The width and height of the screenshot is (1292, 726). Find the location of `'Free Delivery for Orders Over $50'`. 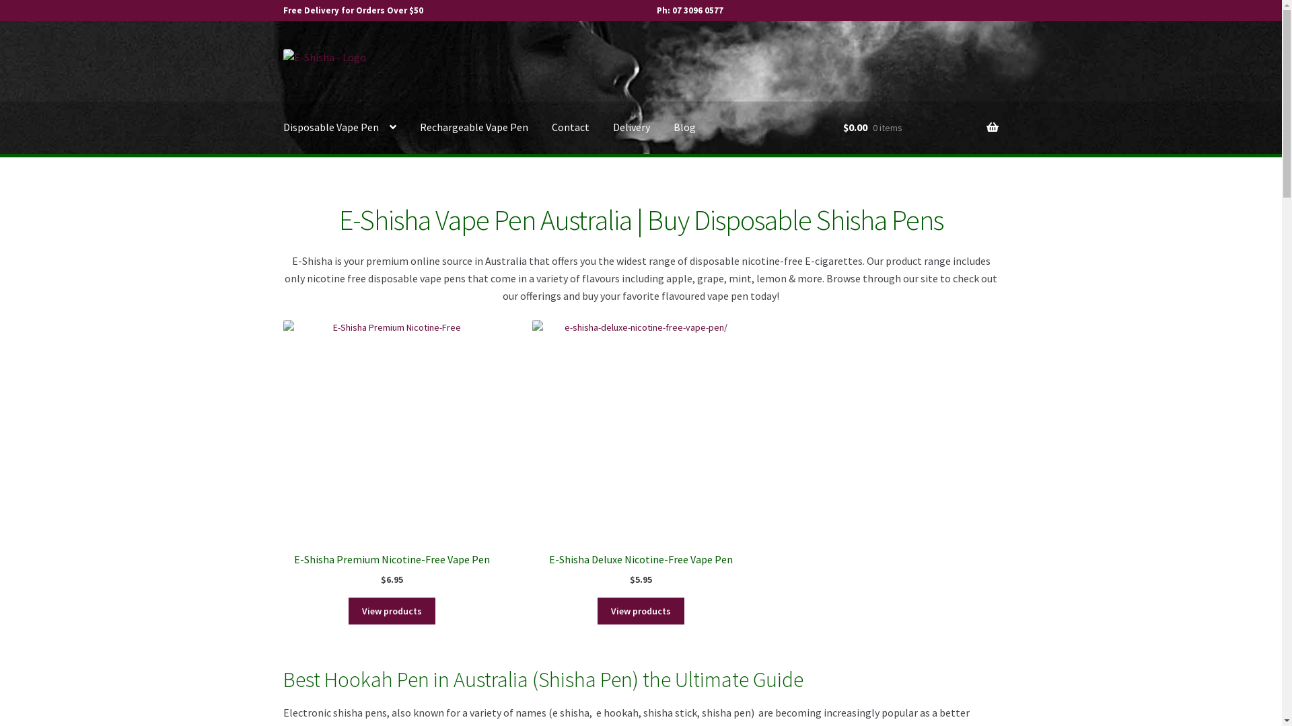

'Free Delivery for Orders Over $50' is located at coordinates (353, 10).